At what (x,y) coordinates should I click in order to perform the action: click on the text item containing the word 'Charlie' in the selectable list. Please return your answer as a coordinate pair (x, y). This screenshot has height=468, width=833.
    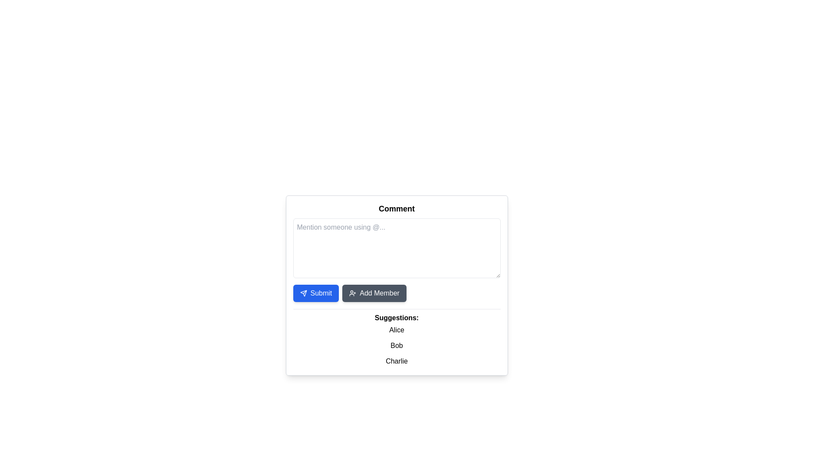
    Looking at the image, I should click on (396, 361).